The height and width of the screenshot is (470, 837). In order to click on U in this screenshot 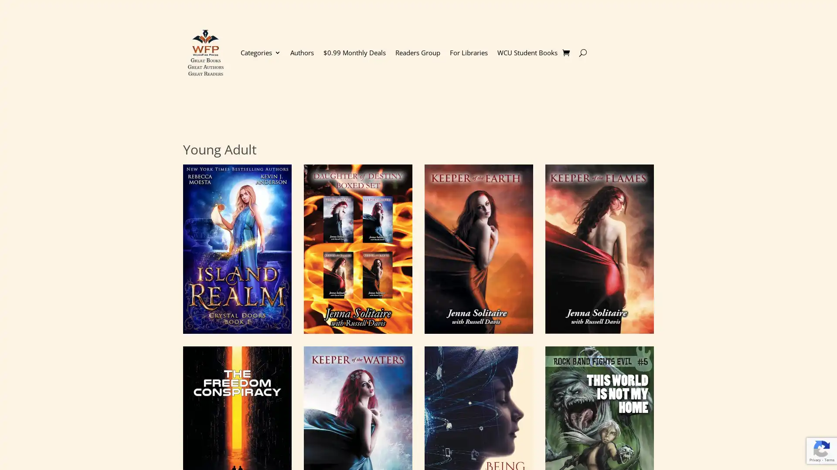, I will do `click(582, 52)`.